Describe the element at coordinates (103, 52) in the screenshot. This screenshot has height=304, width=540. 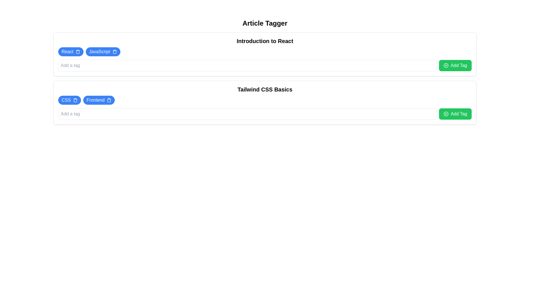
I see `the second interactive tag labeled 'JavaScript'` at that location.